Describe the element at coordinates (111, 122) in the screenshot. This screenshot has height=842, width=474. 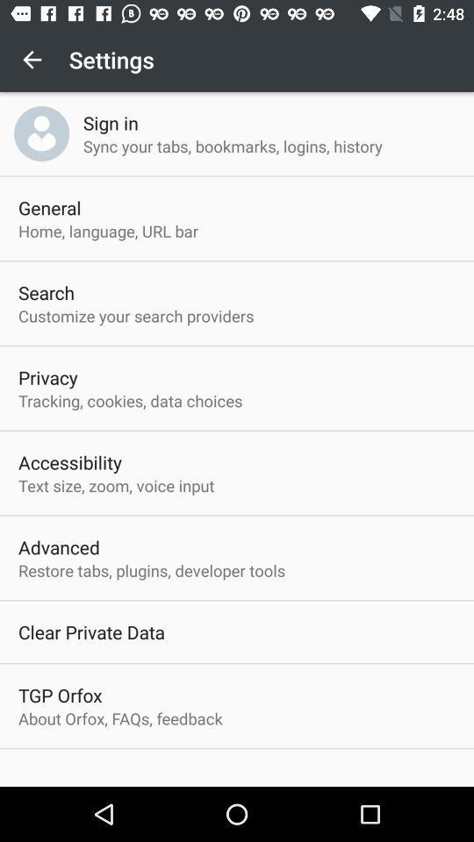
I see `icon above the sync your tabs` at that location.